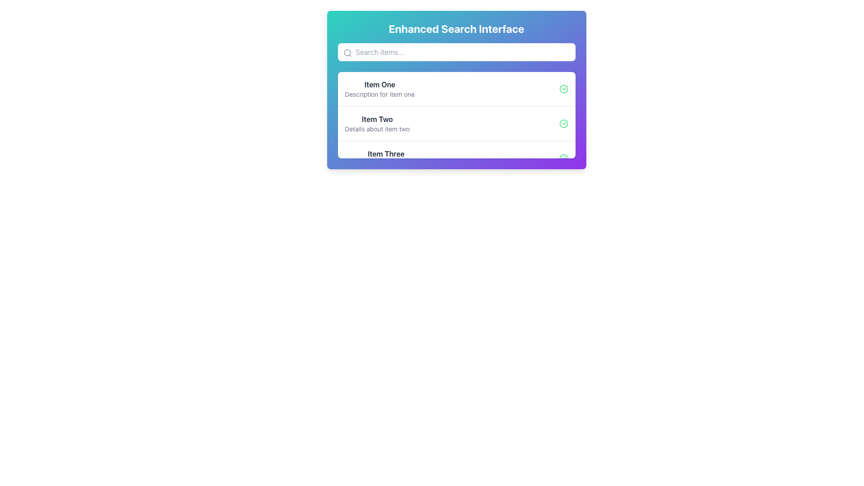 The height and width of the screenshot is (486, 864). Describe the element at coordinates (346, 53) in the screenshot. I see `circular graphical element within the search icon, which is part of the magnifying glass illustration located to the left of the search input field` at that location.